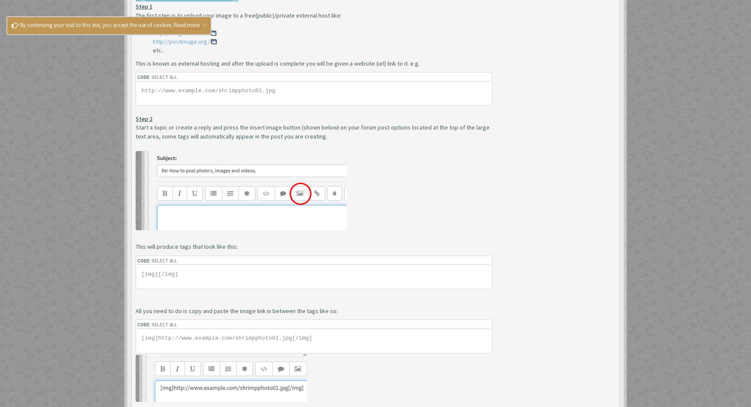 The image size is (751, 407). What do you see at coordinates (238, 15) in the screenshot?
I see `'The first step is to upload your image to a free(public)/private external host like:'` at bounding box center [238, 15].